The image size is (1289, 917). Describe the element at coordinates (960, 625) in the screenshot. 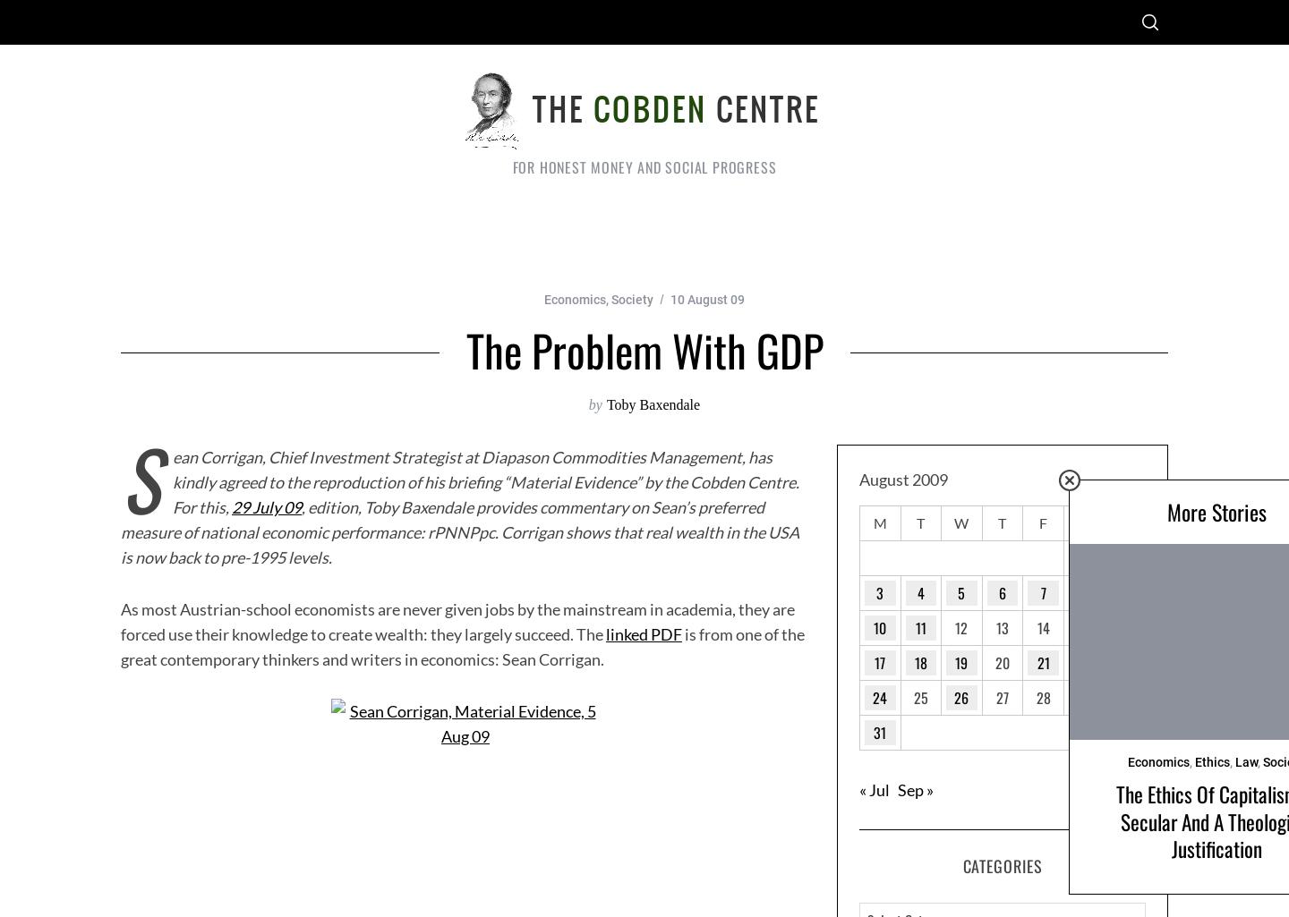

I see `'12'` at that location.